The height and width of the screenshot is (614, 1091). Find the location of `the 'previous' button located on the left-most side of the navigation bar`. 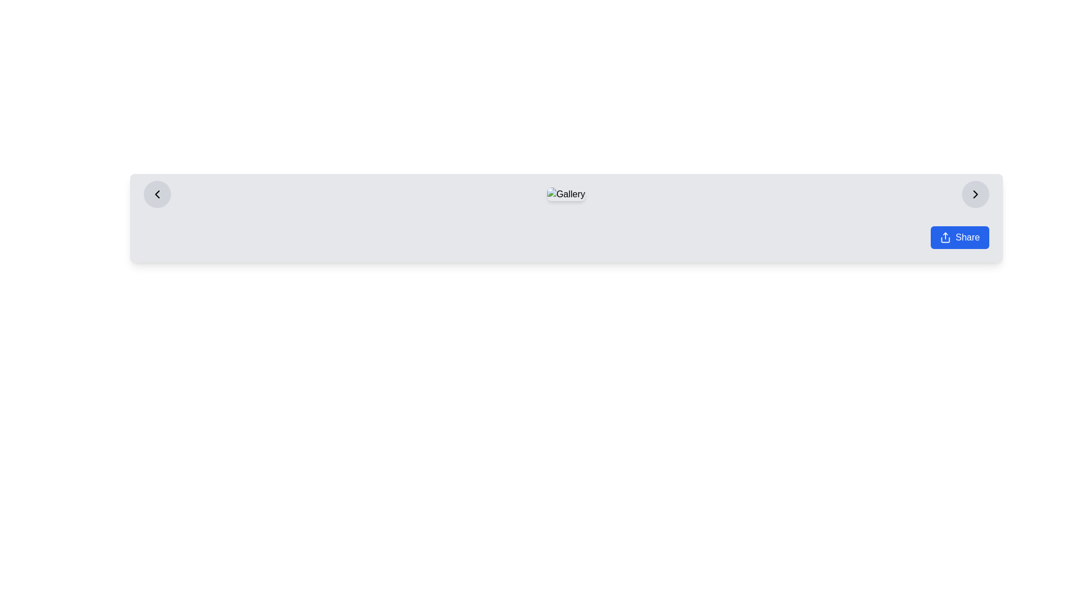

the 'previous' button located on the left-most side of the navigation bar is located at coordinates (156, 194).